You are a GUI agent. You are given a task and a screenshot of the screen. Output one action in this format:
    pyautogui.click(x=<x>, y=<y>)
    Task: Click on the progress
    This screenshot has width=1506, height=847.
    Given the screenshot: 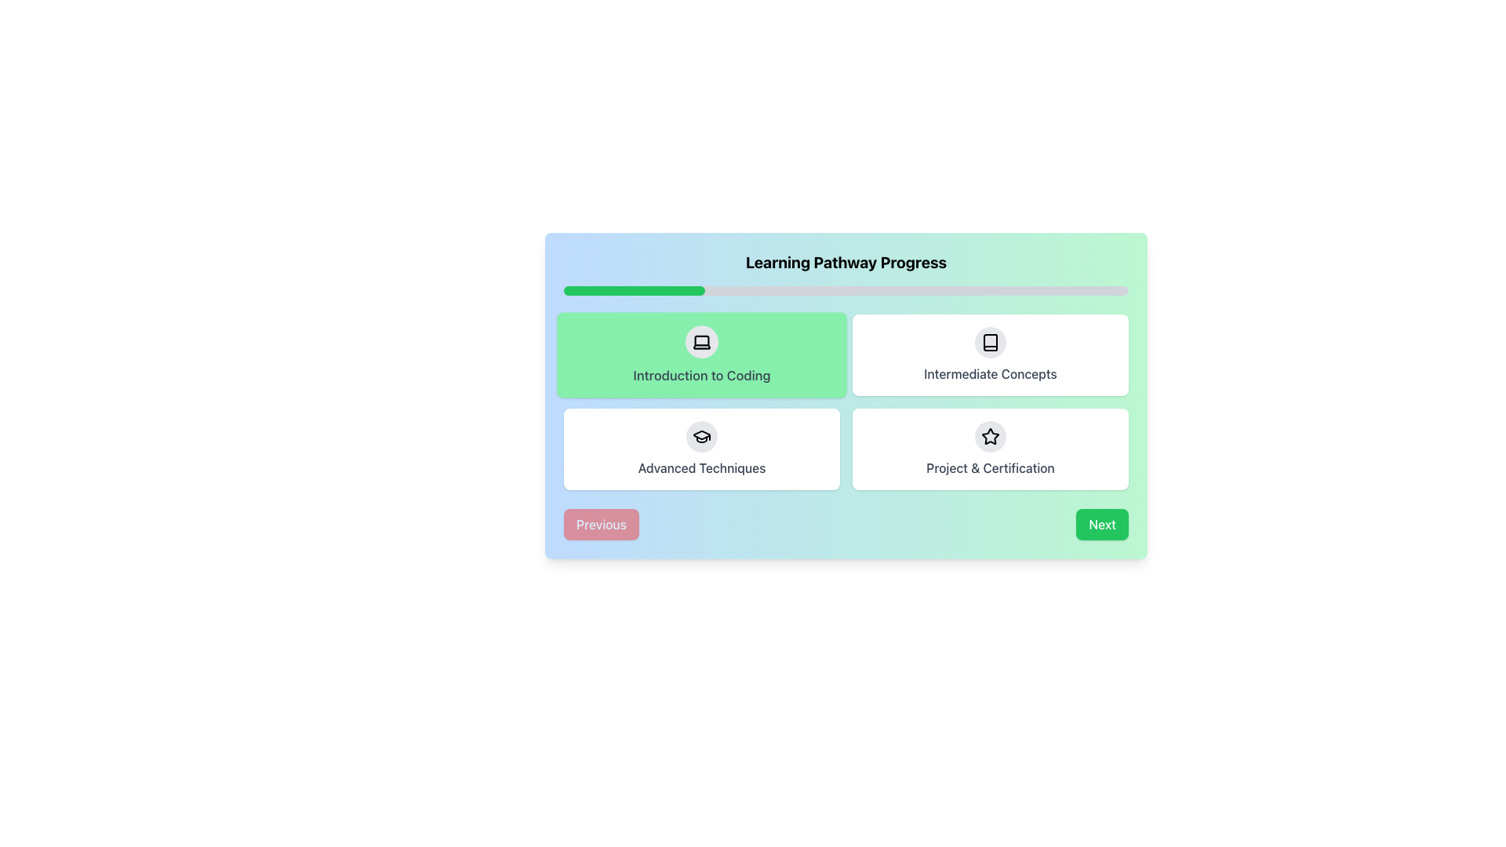 What is the action you would take?
    pyautogui.click(x=665, y=290)
    